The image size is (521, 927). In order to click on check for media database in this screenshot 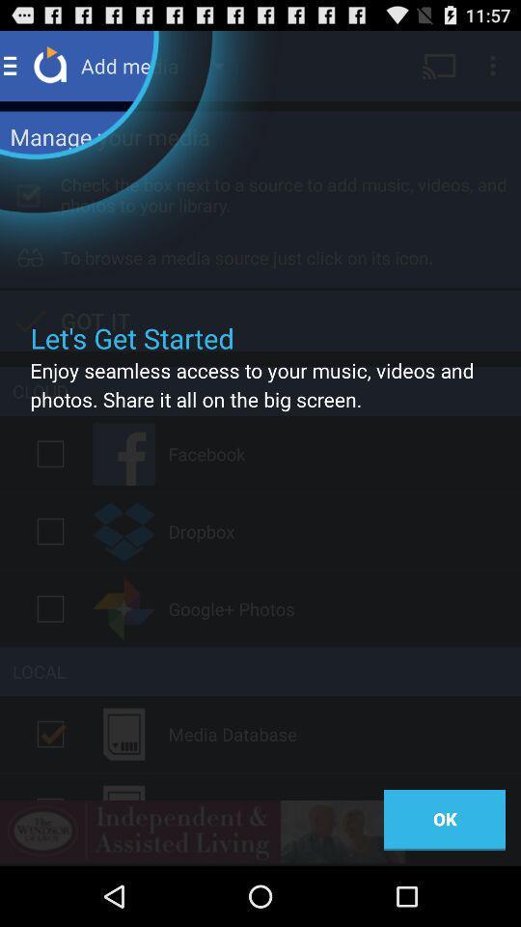, I will do `click(50, 733)`.